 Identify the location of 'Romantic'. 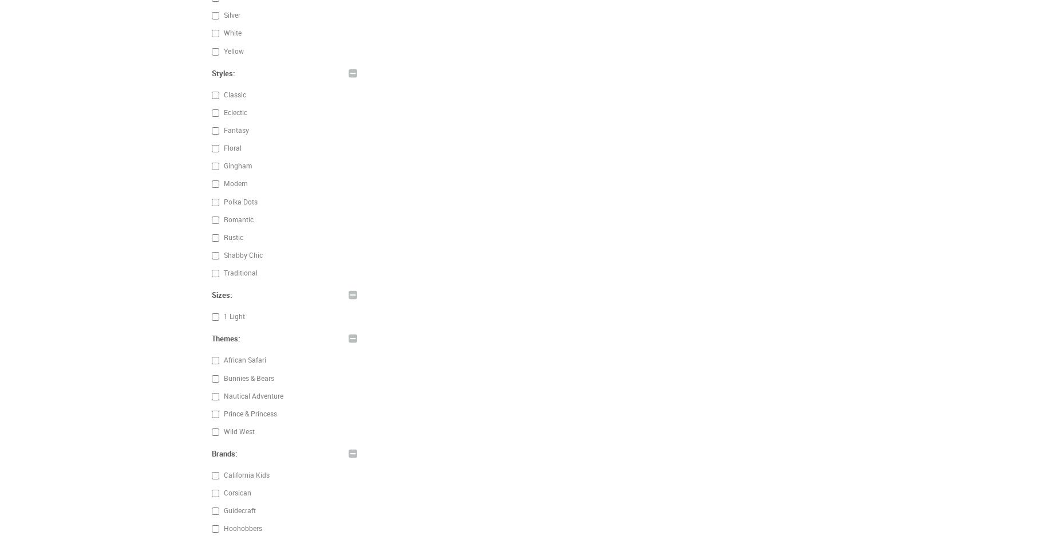
(221, 218).